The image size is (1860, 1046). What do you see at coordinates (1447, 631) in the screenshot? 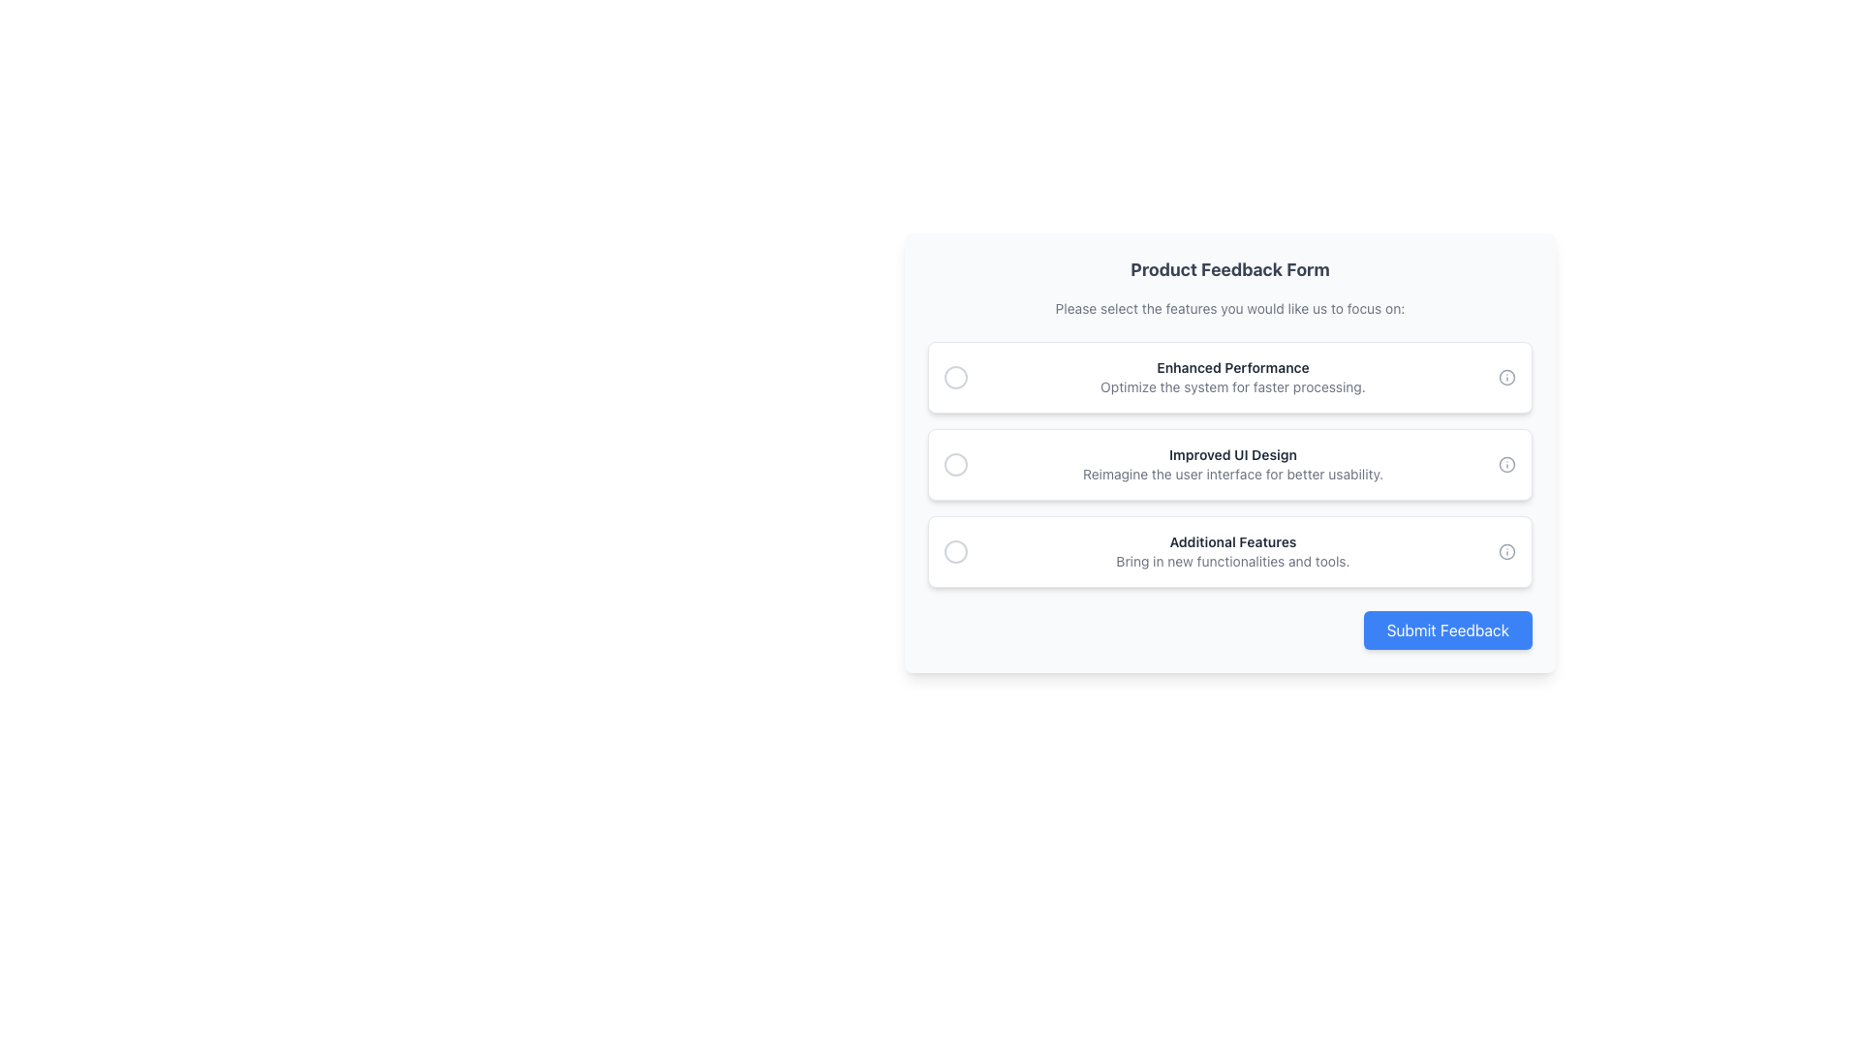
I see `the rectangular blue button labeled 'Submit Feedback' located at the bottom right of the feedback form` at bounding box center [1447, 631].